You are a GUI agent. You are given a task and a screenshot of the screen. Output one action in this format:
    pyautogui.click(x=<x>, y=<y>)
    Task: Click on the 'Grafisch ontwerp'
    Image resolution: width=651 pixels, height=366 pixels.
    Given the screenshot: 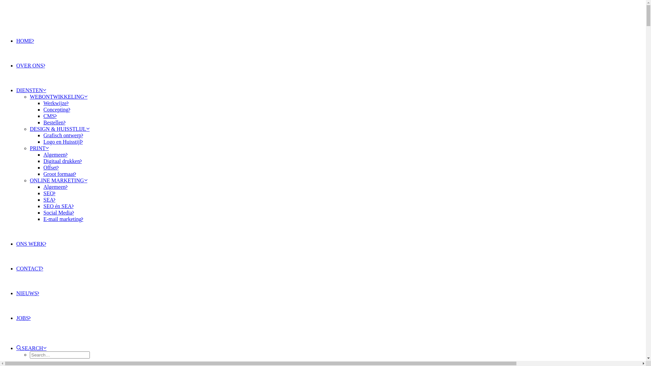 What is the action you would take?
    pyautogui.click(x=63, y=135)
    